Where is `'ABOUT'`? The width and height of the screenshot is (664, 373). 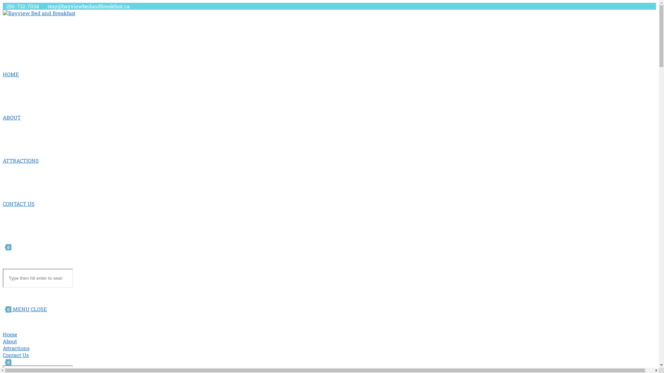
'ABOUT' is located at coordinates (11, 117).